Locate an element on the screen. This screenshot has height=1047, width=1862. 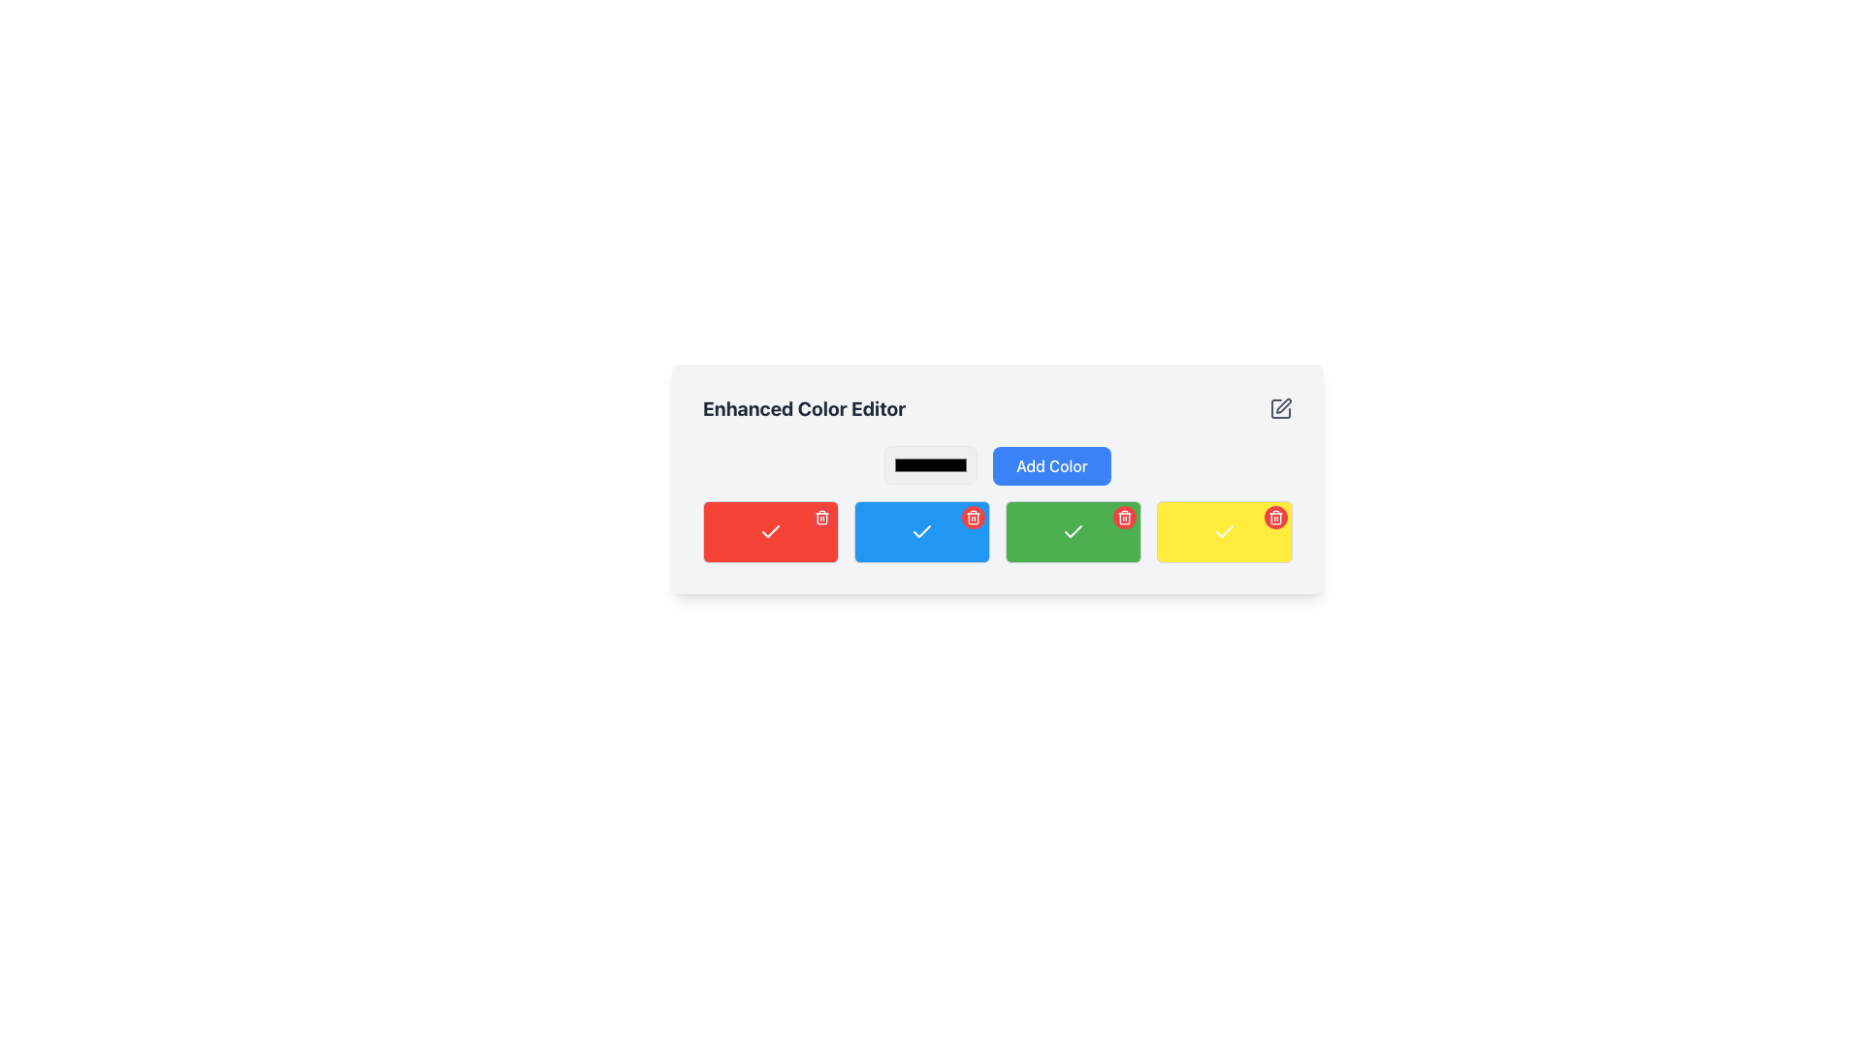
the 'Add Color' blue button located beside the color input box in the 'Enhanced Color Editor' section is located at coordinates (997, 465).